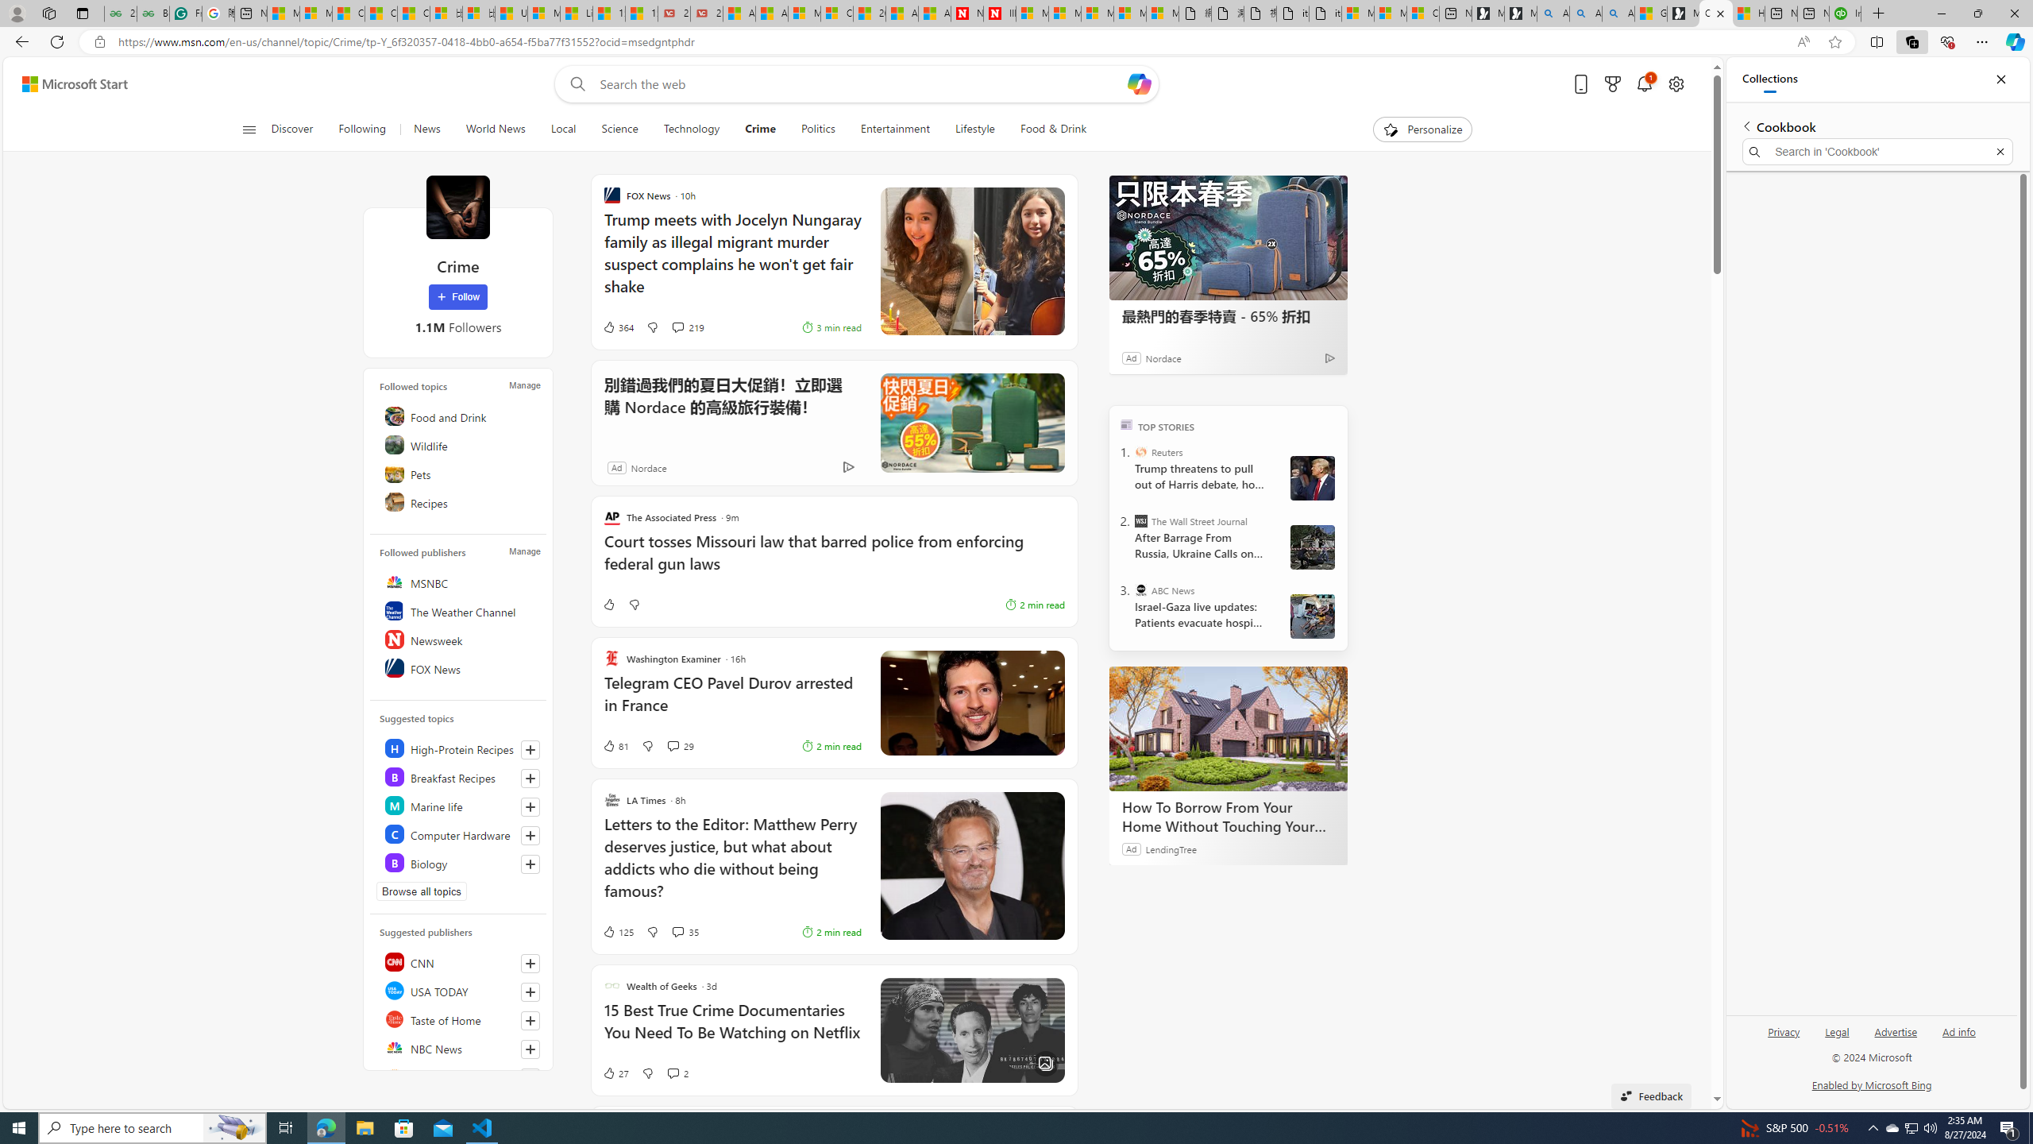  I want to click on 'View comments 35 Comment', so click(677, 930).